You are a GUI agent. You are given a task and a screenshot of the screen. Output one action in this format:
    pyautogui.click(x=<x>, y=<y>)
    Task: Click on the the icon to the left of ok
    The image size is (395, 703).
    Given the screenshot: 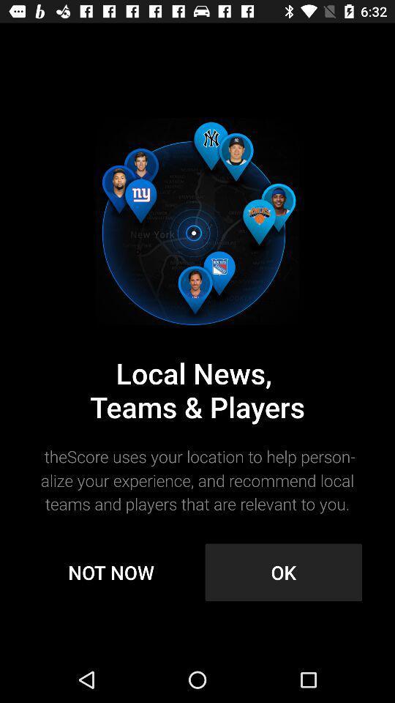 What is the action you would take?
    pyautogui.click(x=110, y=572)
    